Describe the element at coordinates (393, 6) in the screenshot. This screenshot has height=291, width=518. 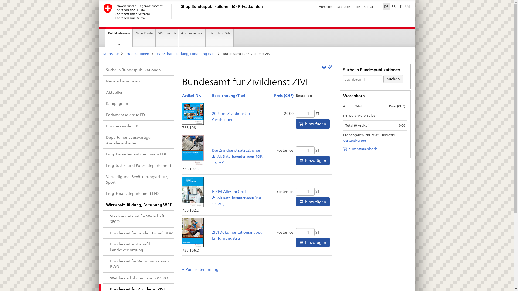
I see `'FR'` at that location.